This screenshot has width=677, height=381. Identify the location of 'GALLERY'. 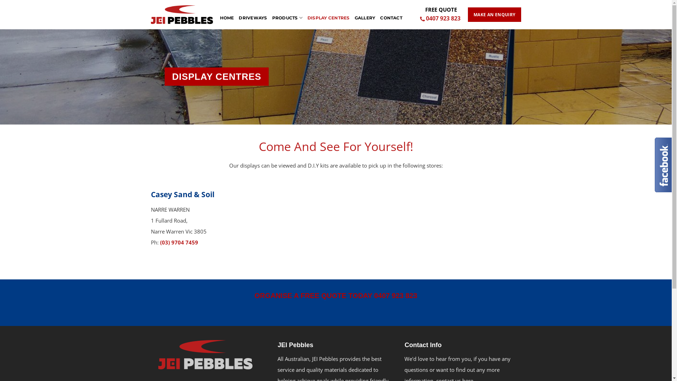
(365, 14).